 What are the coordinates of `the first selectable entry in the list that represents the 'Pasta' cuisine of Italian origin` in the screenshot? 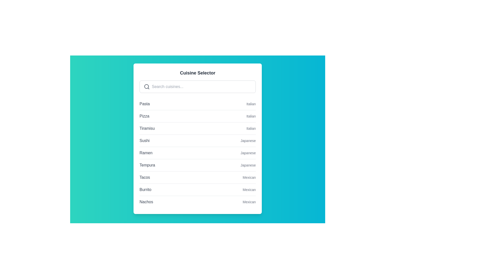 It's located at (197, 104).